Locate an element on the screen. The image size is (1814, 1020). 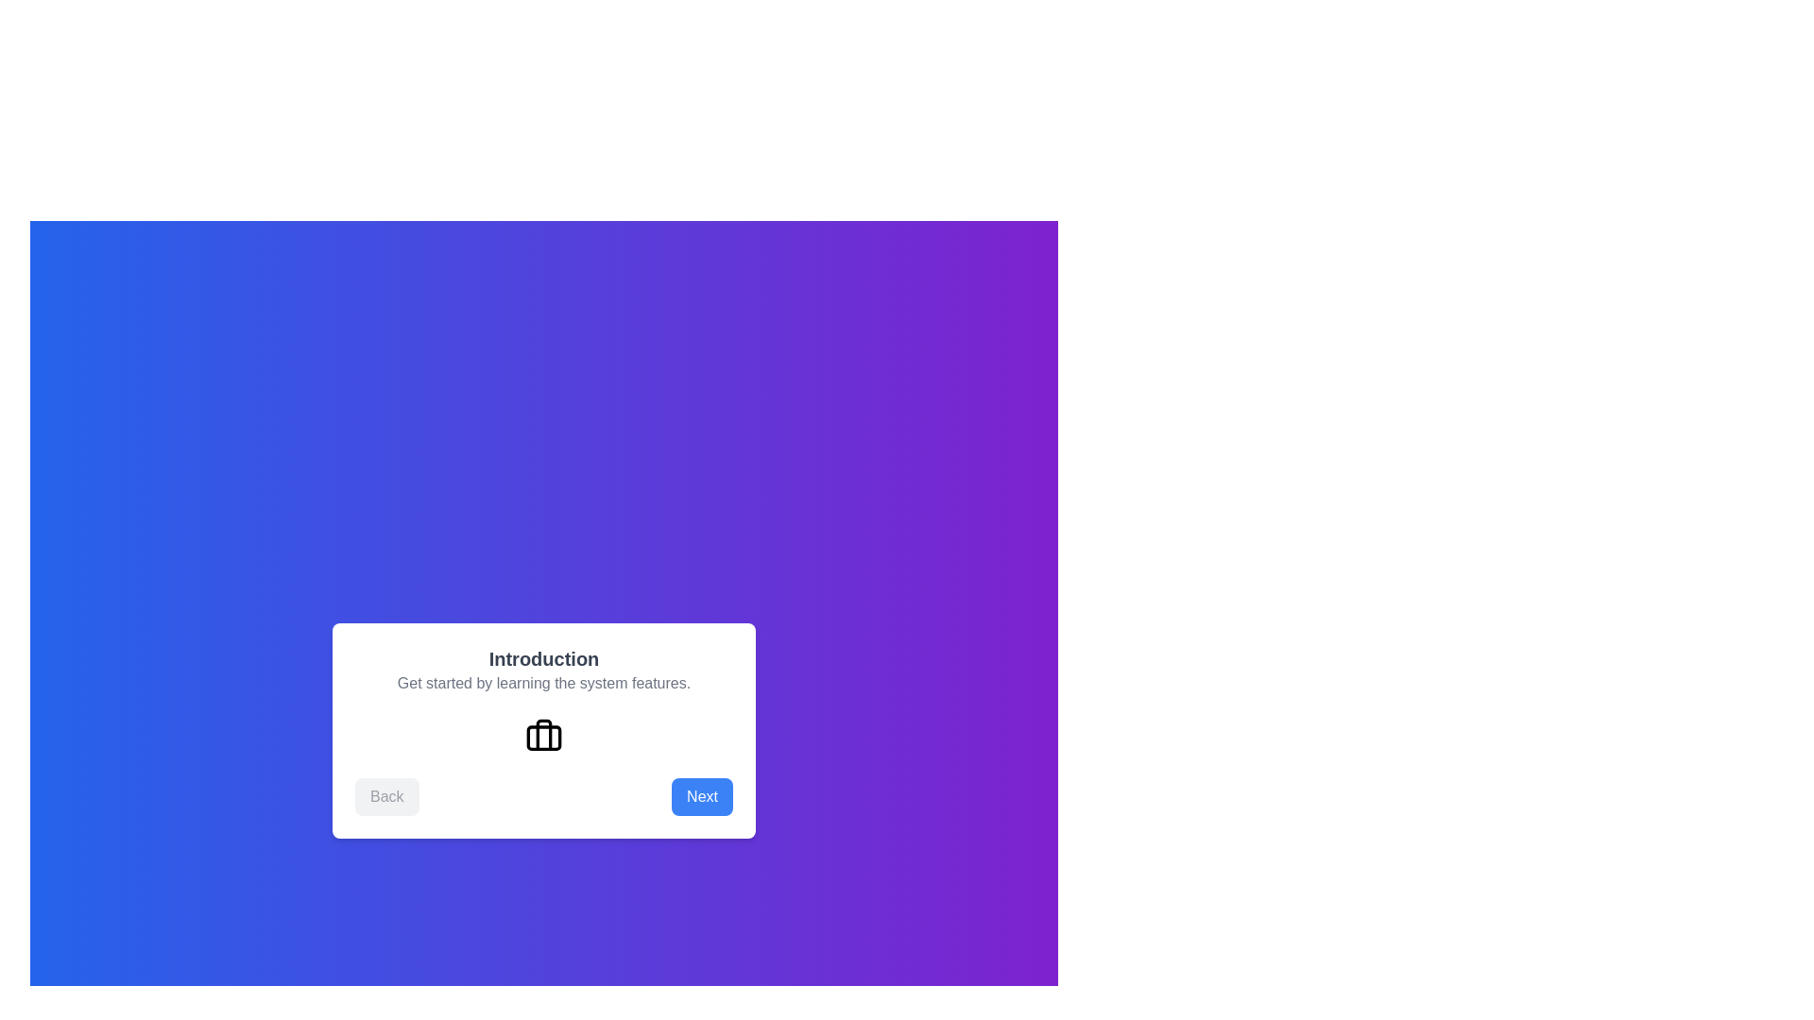
the 'Next' button to navigate to the next step is located at coordinates (701, 797).